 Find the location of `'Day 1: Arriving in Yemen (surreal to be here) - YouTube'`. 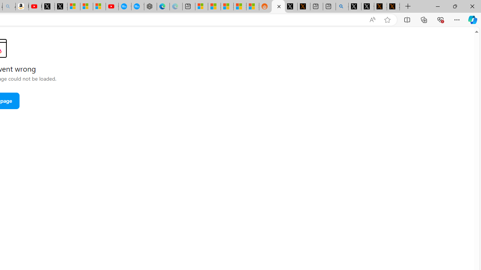

'Day 1: Arriving in Yemen (surreal to be here) - YouTube' is located at coordinates (35, 6).